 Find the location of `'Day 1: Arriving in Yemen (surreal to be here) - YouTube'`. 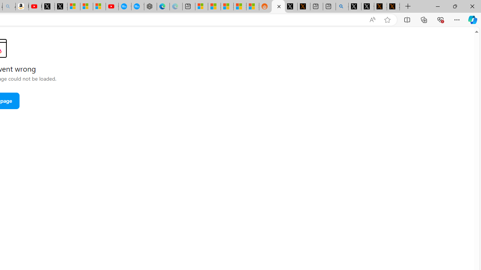

'Day 1: Arriving in Yemen (surreal to be here) - YouTube' is located at coordinates (35, 6).